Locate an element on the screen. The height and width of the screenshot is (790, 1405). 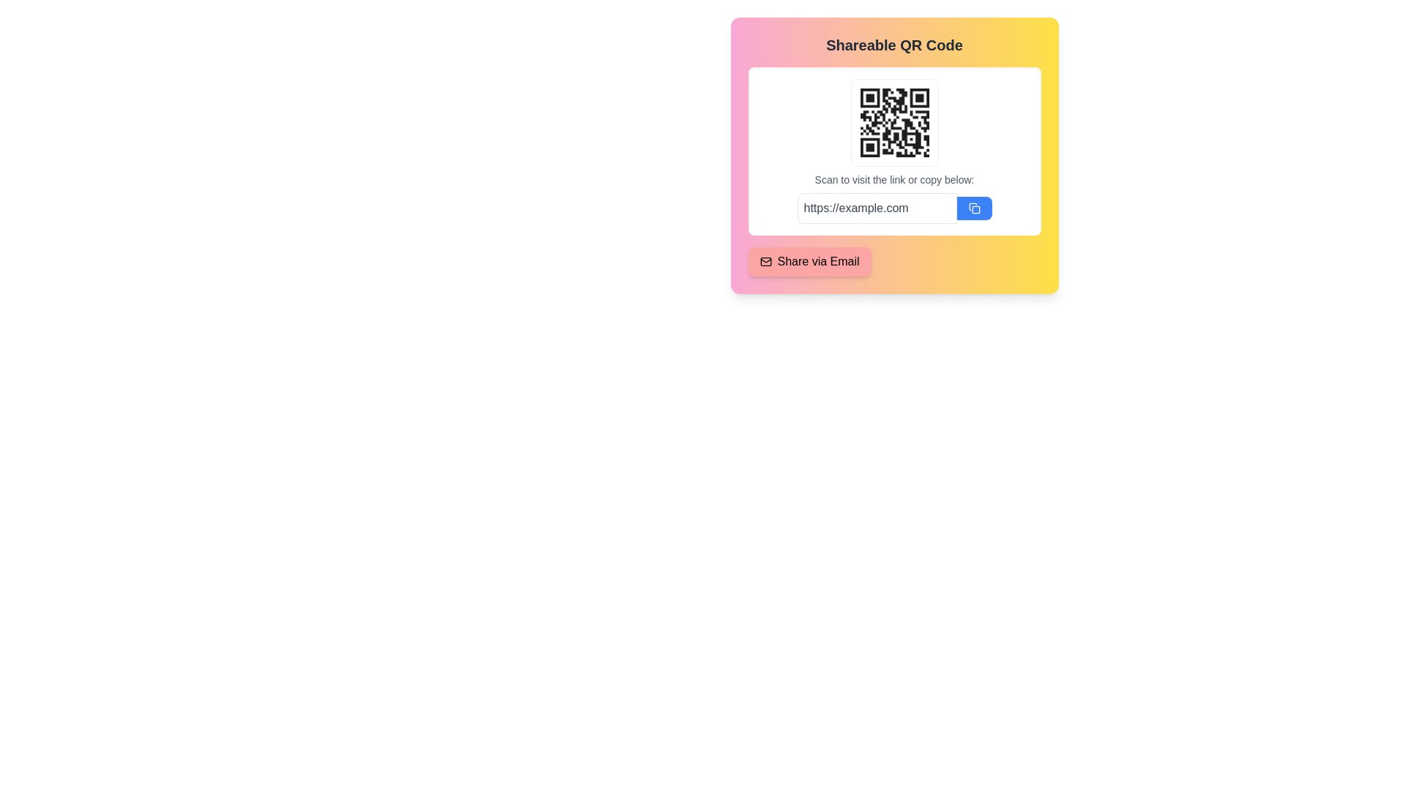
the decorative icon located to the left of the 'Share via Email' button at the bottom left of the card containing the QR code is located at coordinates (765, 261).